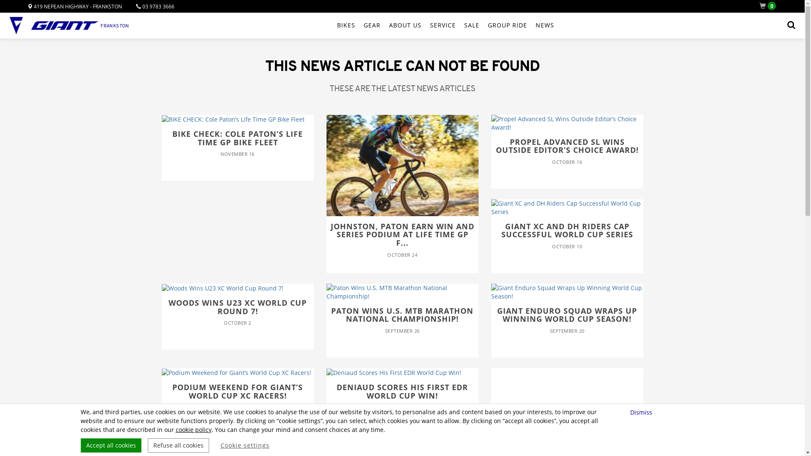  What do you see at coordinates (507, 25) in the screenshot?
I see `'GROUP RIDE'` at bounding box center [507, 25].